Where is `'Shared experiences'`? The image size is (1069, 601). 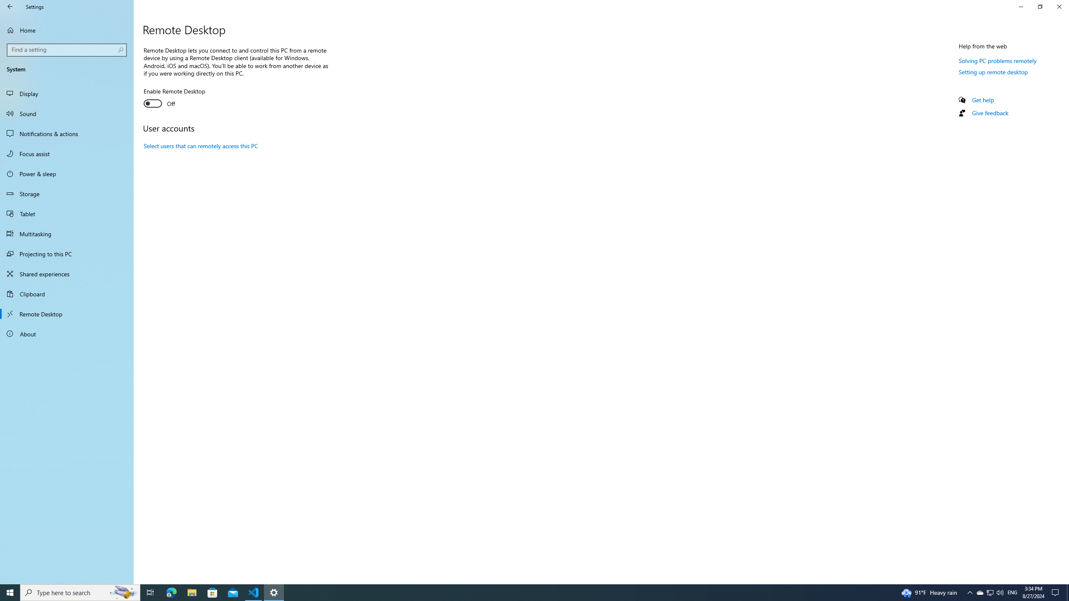 'Shared experiences' is located at coordinates (66, 273).